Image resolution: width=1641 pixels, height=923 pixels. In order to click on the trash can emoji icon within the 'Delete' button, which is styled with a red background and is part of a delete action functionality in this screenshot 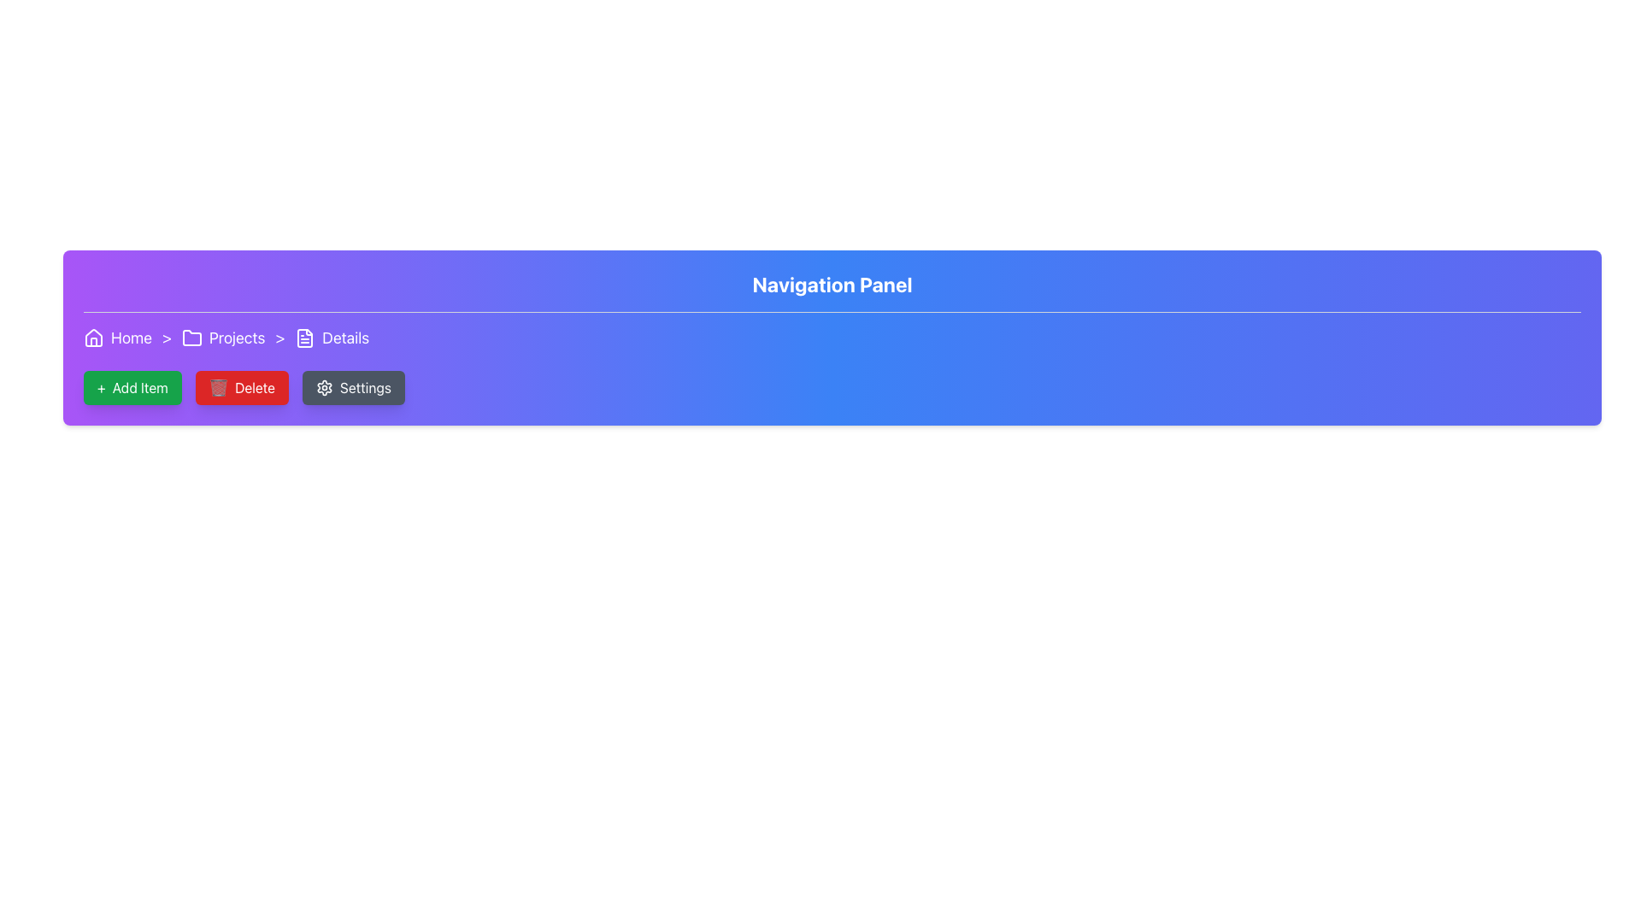, I will do `click(217, 388)`.